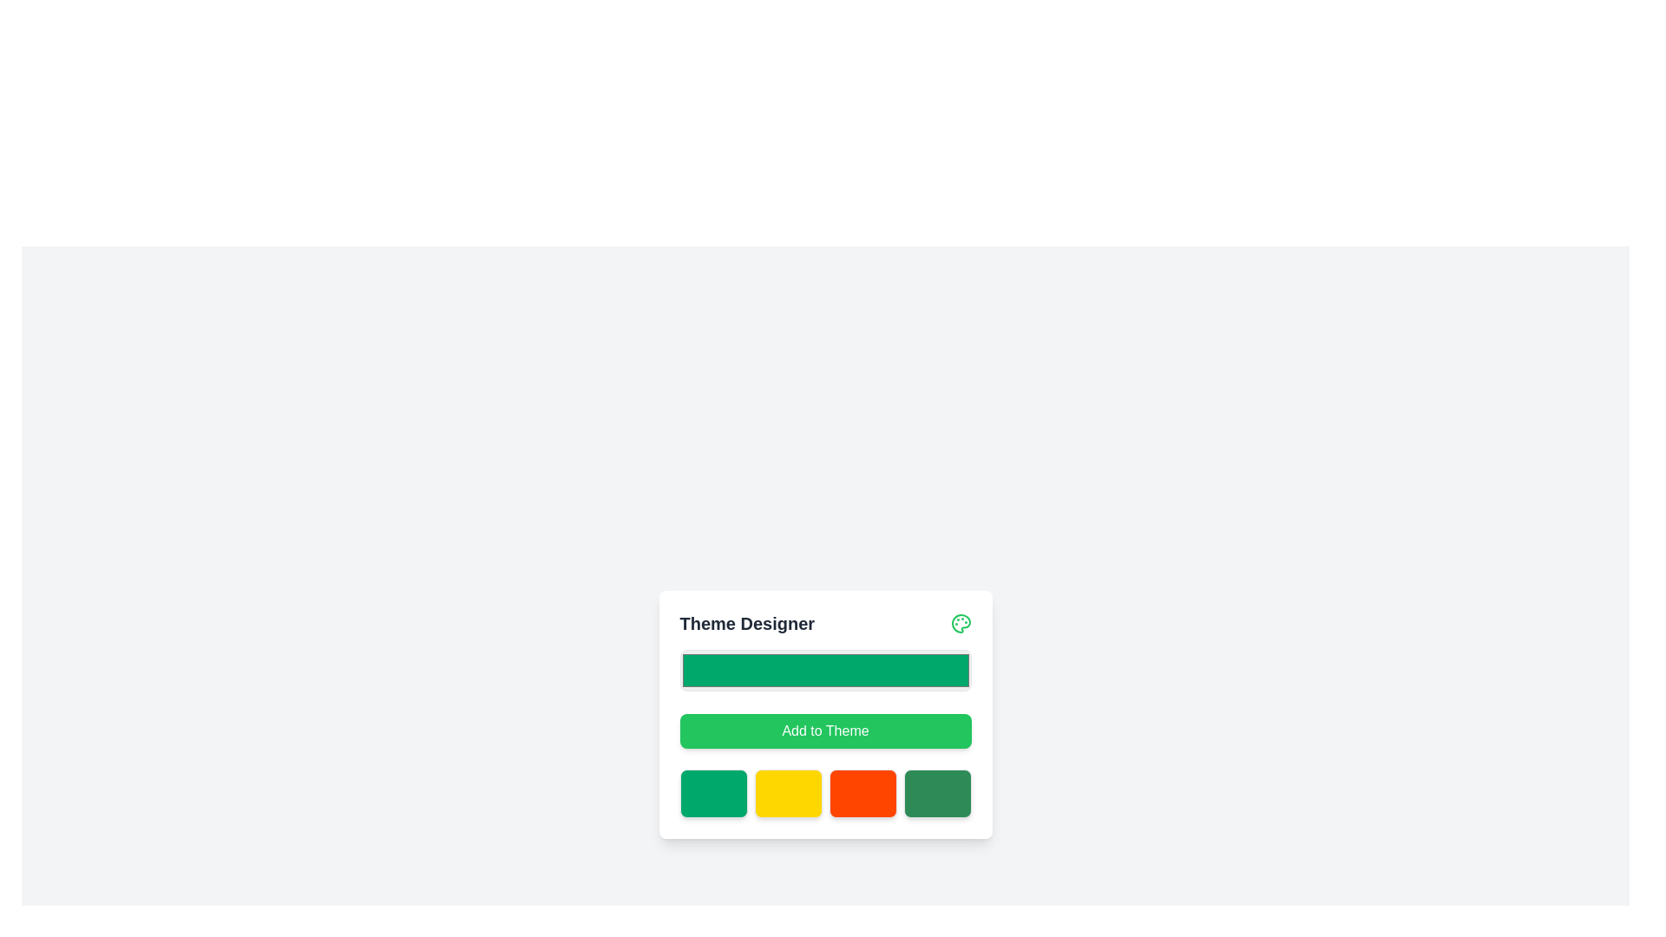 This screenshot has height=937, width=1666. Describe the element at coordinates (713, 793) in the screenshot. I see `the leftmost color selection button in the 'Theme Designer' interface` at that location.